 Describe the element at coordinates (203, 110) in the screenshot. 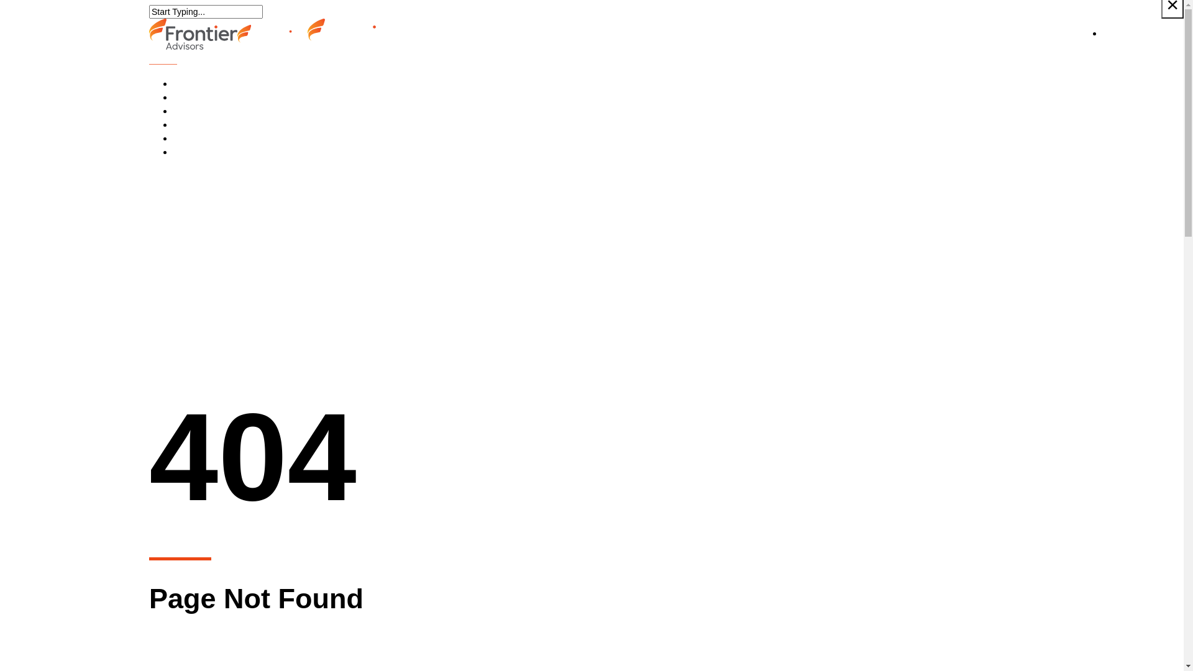

I see `'People'` at that location.